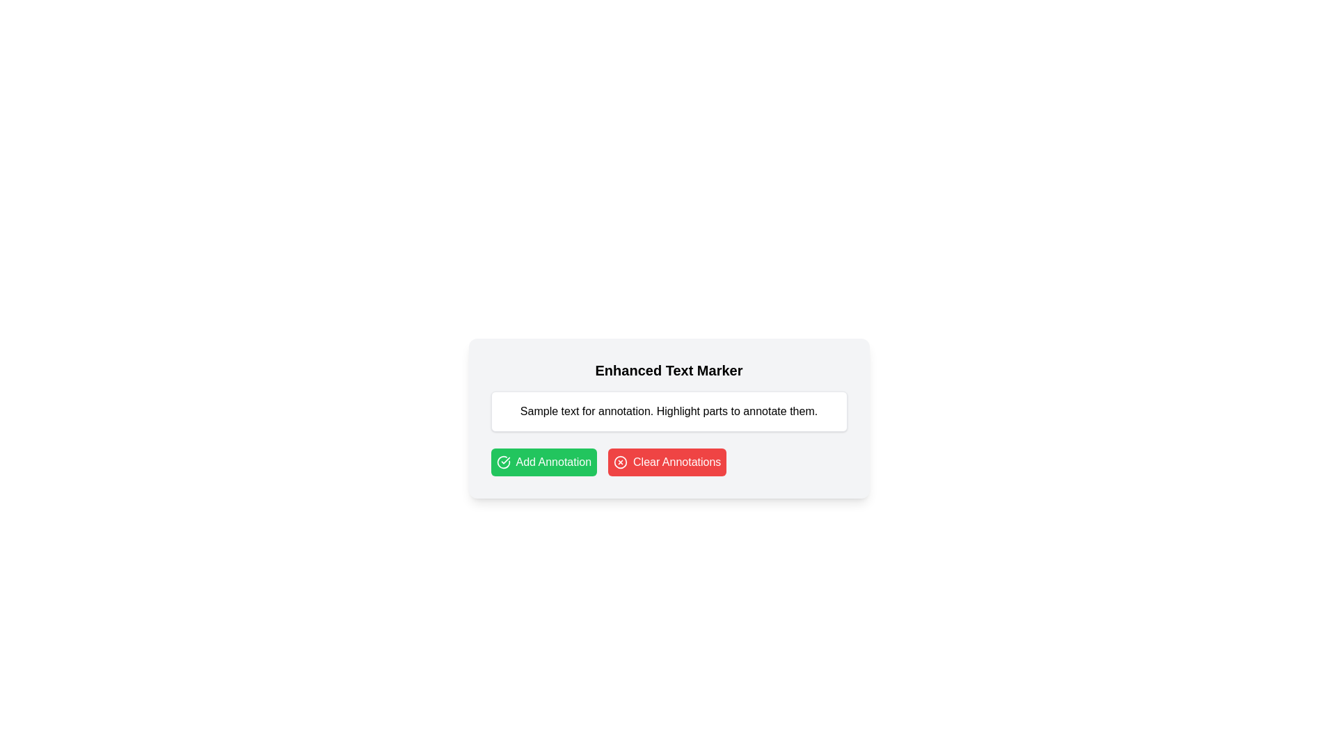 This screenshot has height=751, width=1336. Describe the element at coordinates (667, 462) in the screenshot. I see `the 'Clear Annotations' button, which has a red background and contains the text 'Clear Annotations' in white, to observe possible visual responses like color changes` at that location.